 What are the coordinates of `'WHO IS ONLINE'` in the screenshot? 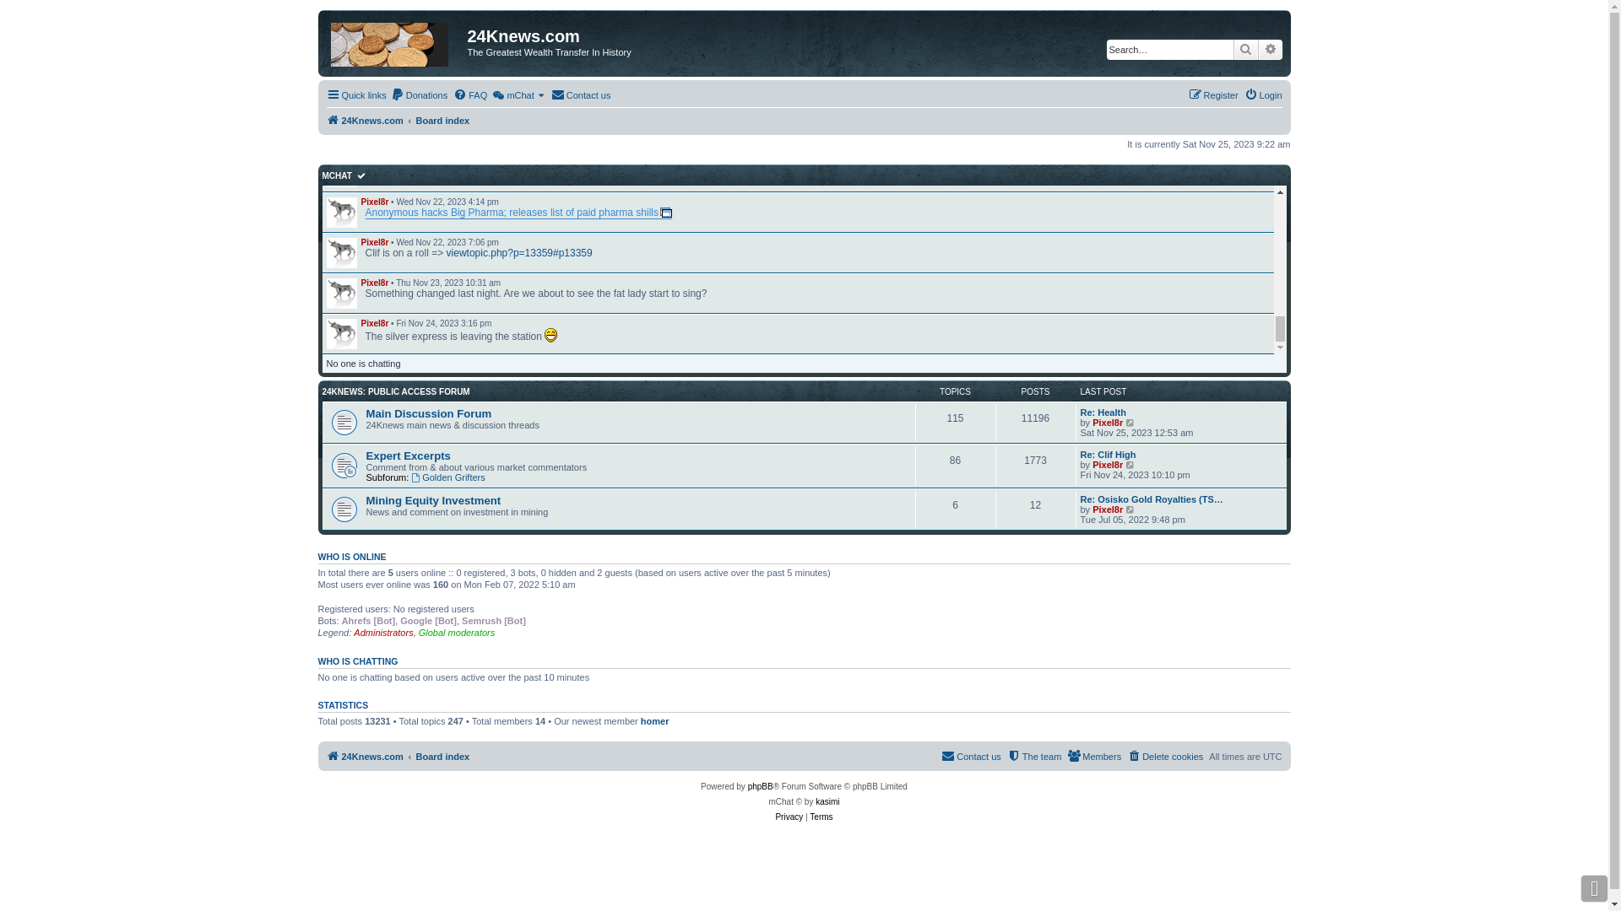 It's located at (317, 556).